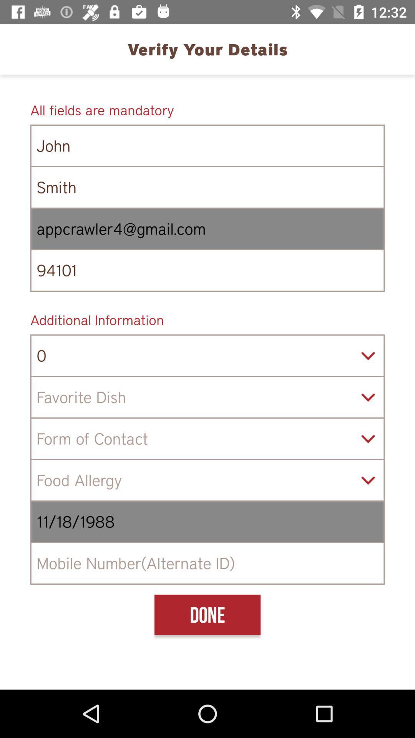 This screenshot has height=738, width=415. I want to click on smith icon, so click(207, 187).